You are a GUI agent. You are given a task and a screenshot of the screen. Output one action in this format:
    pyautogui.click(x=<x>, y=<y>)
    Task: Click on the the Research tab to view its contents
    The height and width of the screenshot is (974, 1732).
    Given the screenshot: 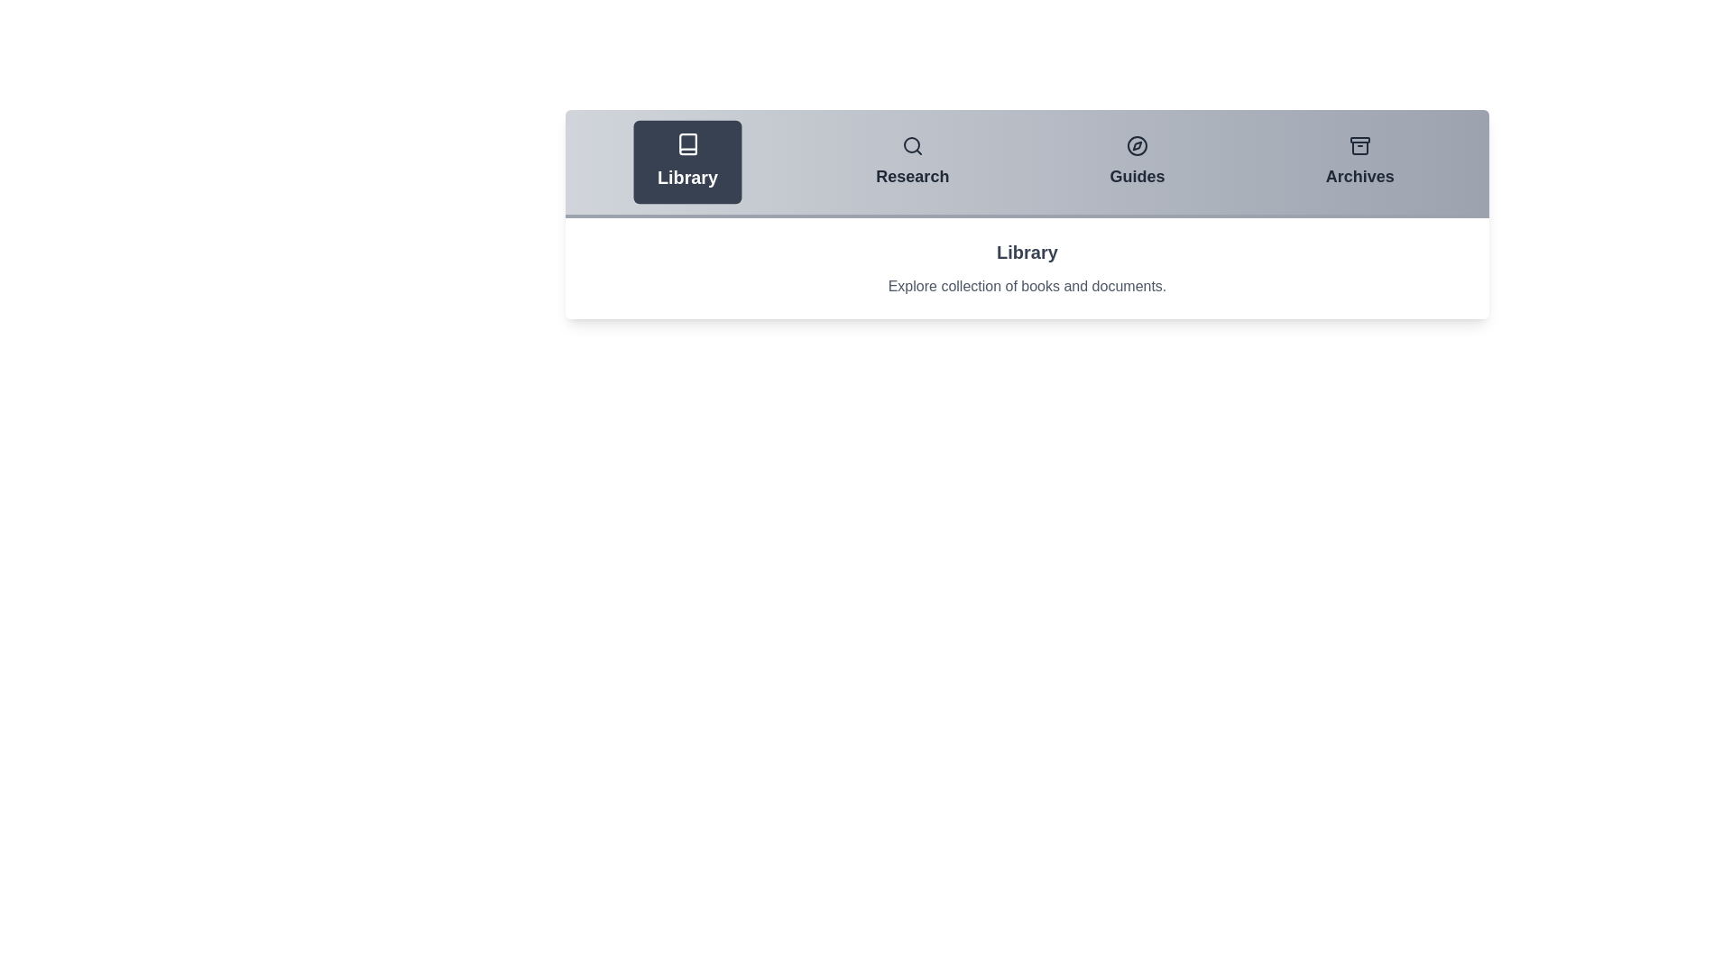 What is the action you would take?
    pyautogui.click(x=912, y=162)
    